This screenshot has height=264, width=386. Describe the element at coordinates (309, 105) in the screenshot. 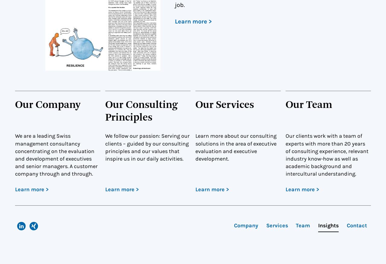

I see `'Our Team'` at that location.